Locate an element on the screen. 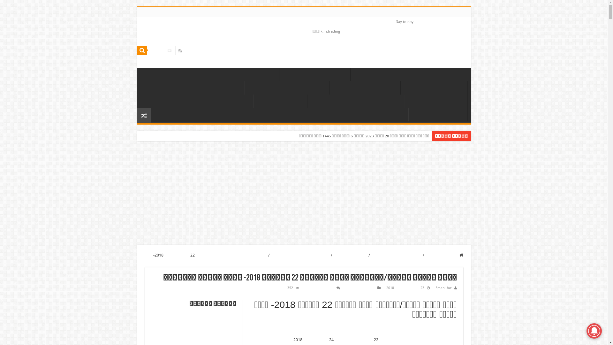  'Eman Uae' is located at coordinates (443, 288).